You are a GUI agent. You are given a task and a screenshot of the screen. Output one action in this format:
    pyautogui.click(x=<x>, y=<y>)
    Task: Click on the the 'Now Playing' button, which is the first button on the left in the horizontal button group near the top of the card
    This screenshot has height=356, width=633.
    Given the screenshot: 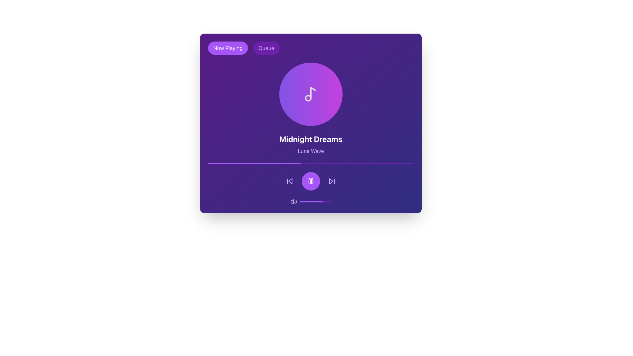 What is the action you would take?
    pyautogui.click(x=228, y=48)
    